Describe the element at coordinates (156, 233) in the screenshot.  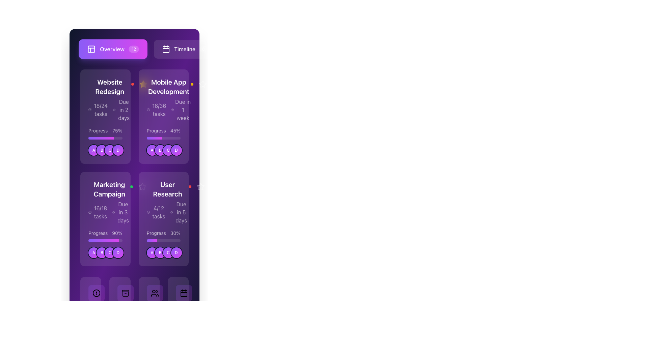
I see `the 'Progress' text label in the 'User Research' card, which displays the progress information header` at that location.